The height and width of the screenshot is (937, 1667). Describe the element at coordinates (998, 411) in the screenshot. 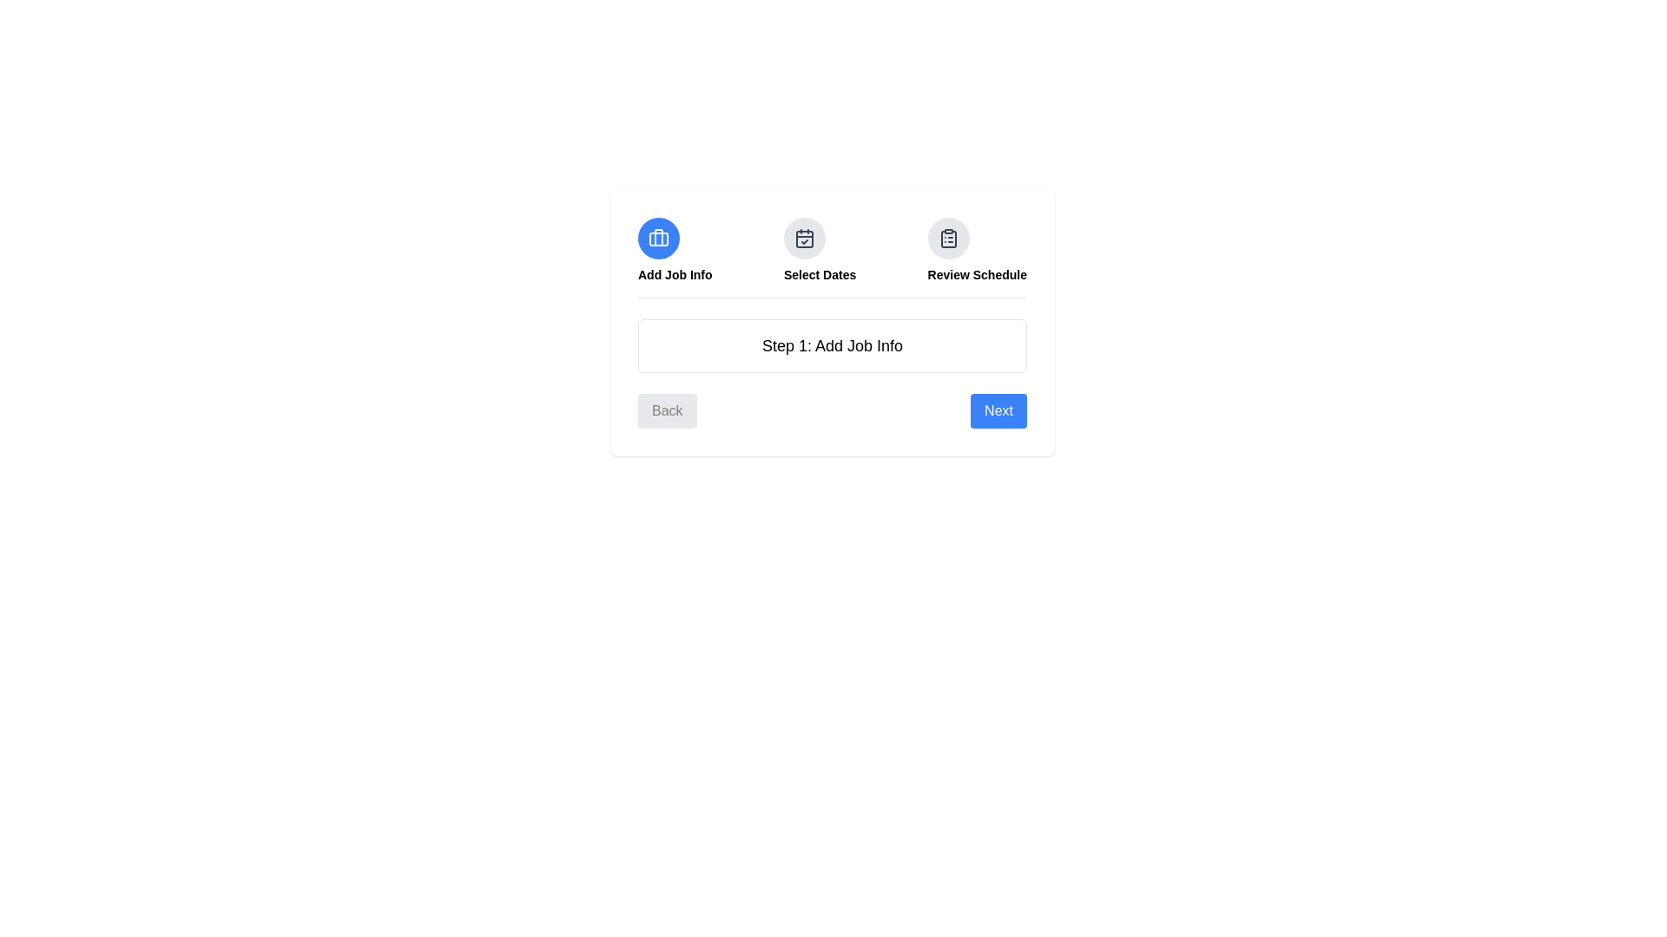

I see `'Next' button to proceed to the next step` at that location.